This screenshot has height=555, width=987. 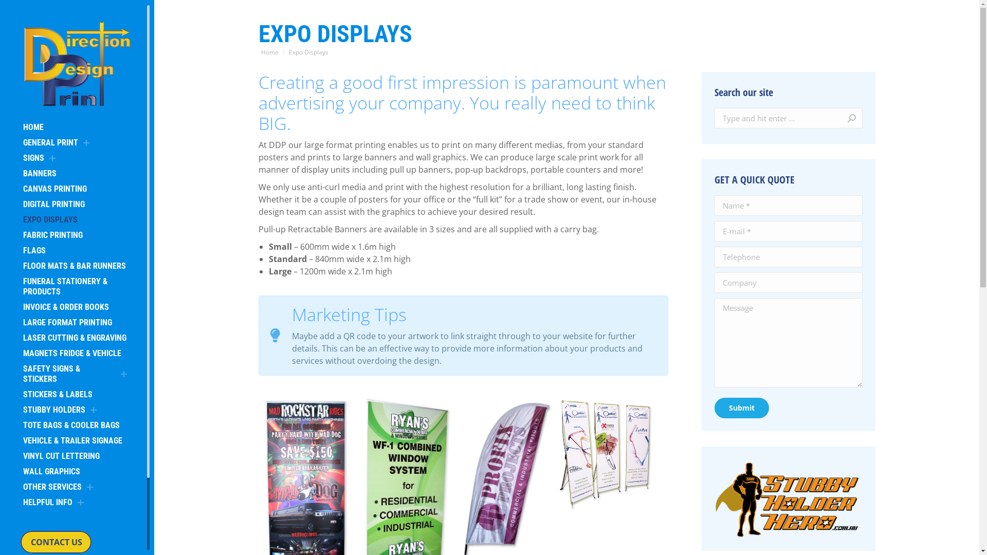 What do you see at coordinates (261, 52) in the screenshot?
I see `'Home'` at bounding box center [261, 52].